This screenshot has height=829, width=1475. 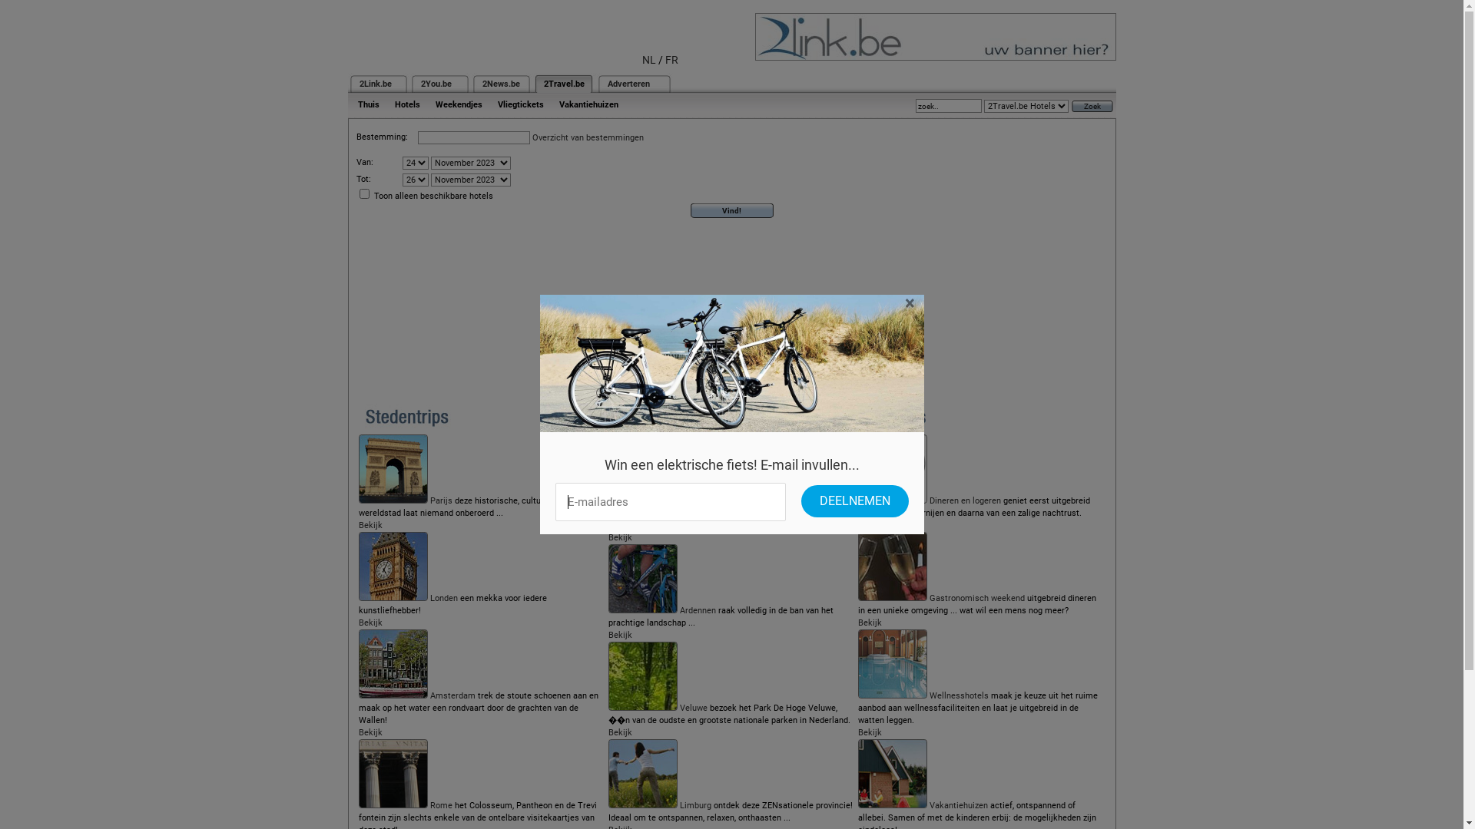 What do you see at coordinates (452, 695) in the screenshot?
I see `'Amsterdam'` at bounding box center [452, 695].